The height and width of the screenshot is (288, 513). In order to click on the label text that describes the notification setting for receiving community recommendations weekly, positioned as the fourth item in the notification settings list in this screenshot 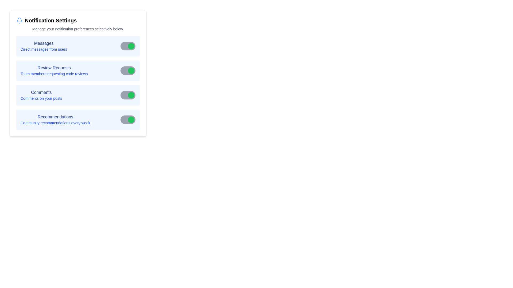, I will do `click(55, 119)`.